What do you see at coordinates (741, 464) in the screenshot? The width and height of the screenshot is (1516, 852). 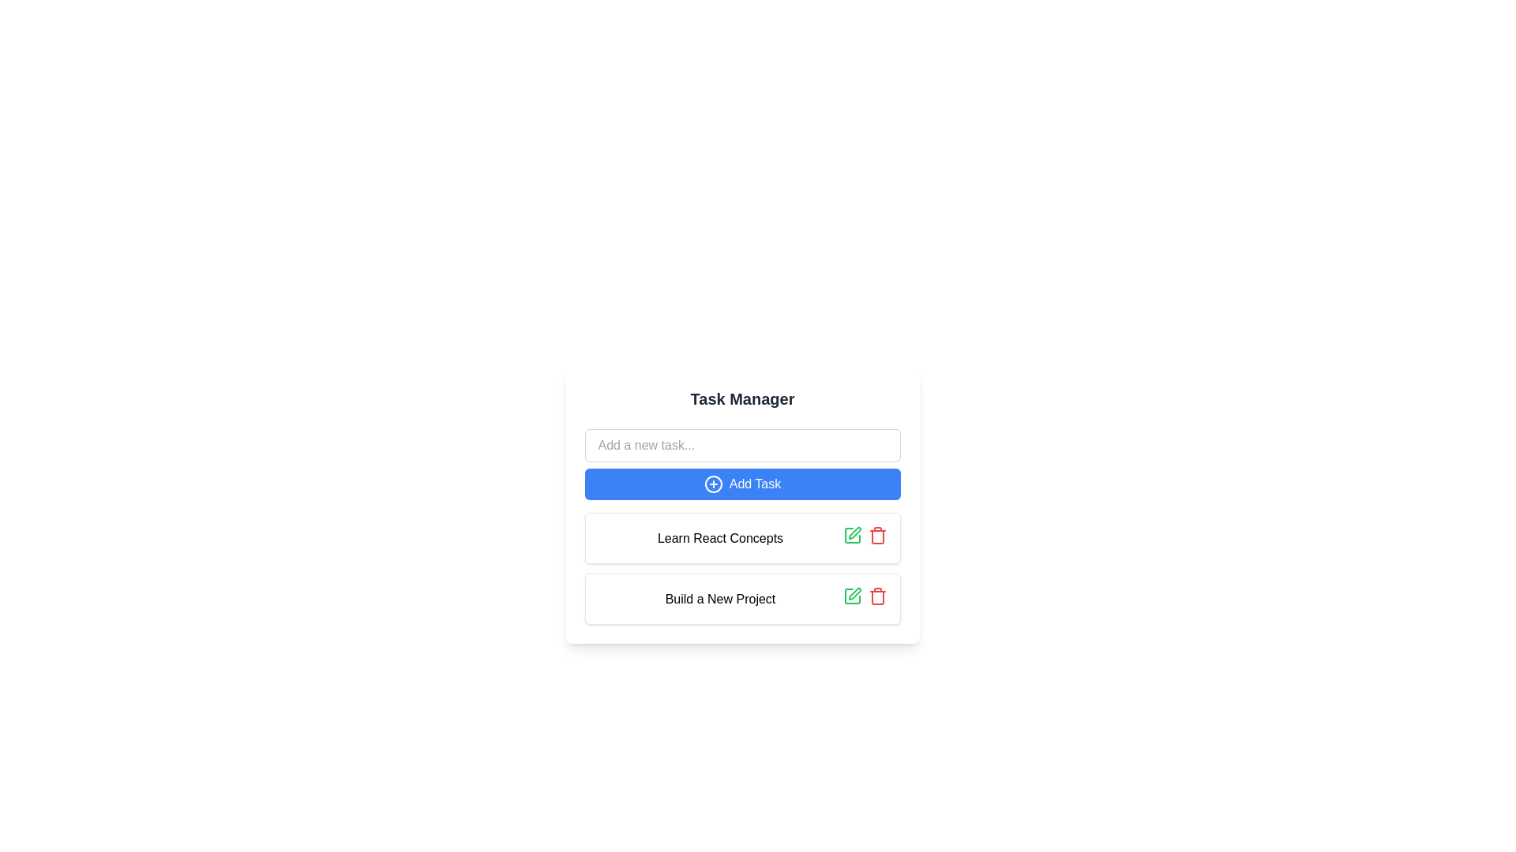 I see `the 'Add Task' button located below the text input field in the 'Task Manager' section` at bounding box center [741, 464].